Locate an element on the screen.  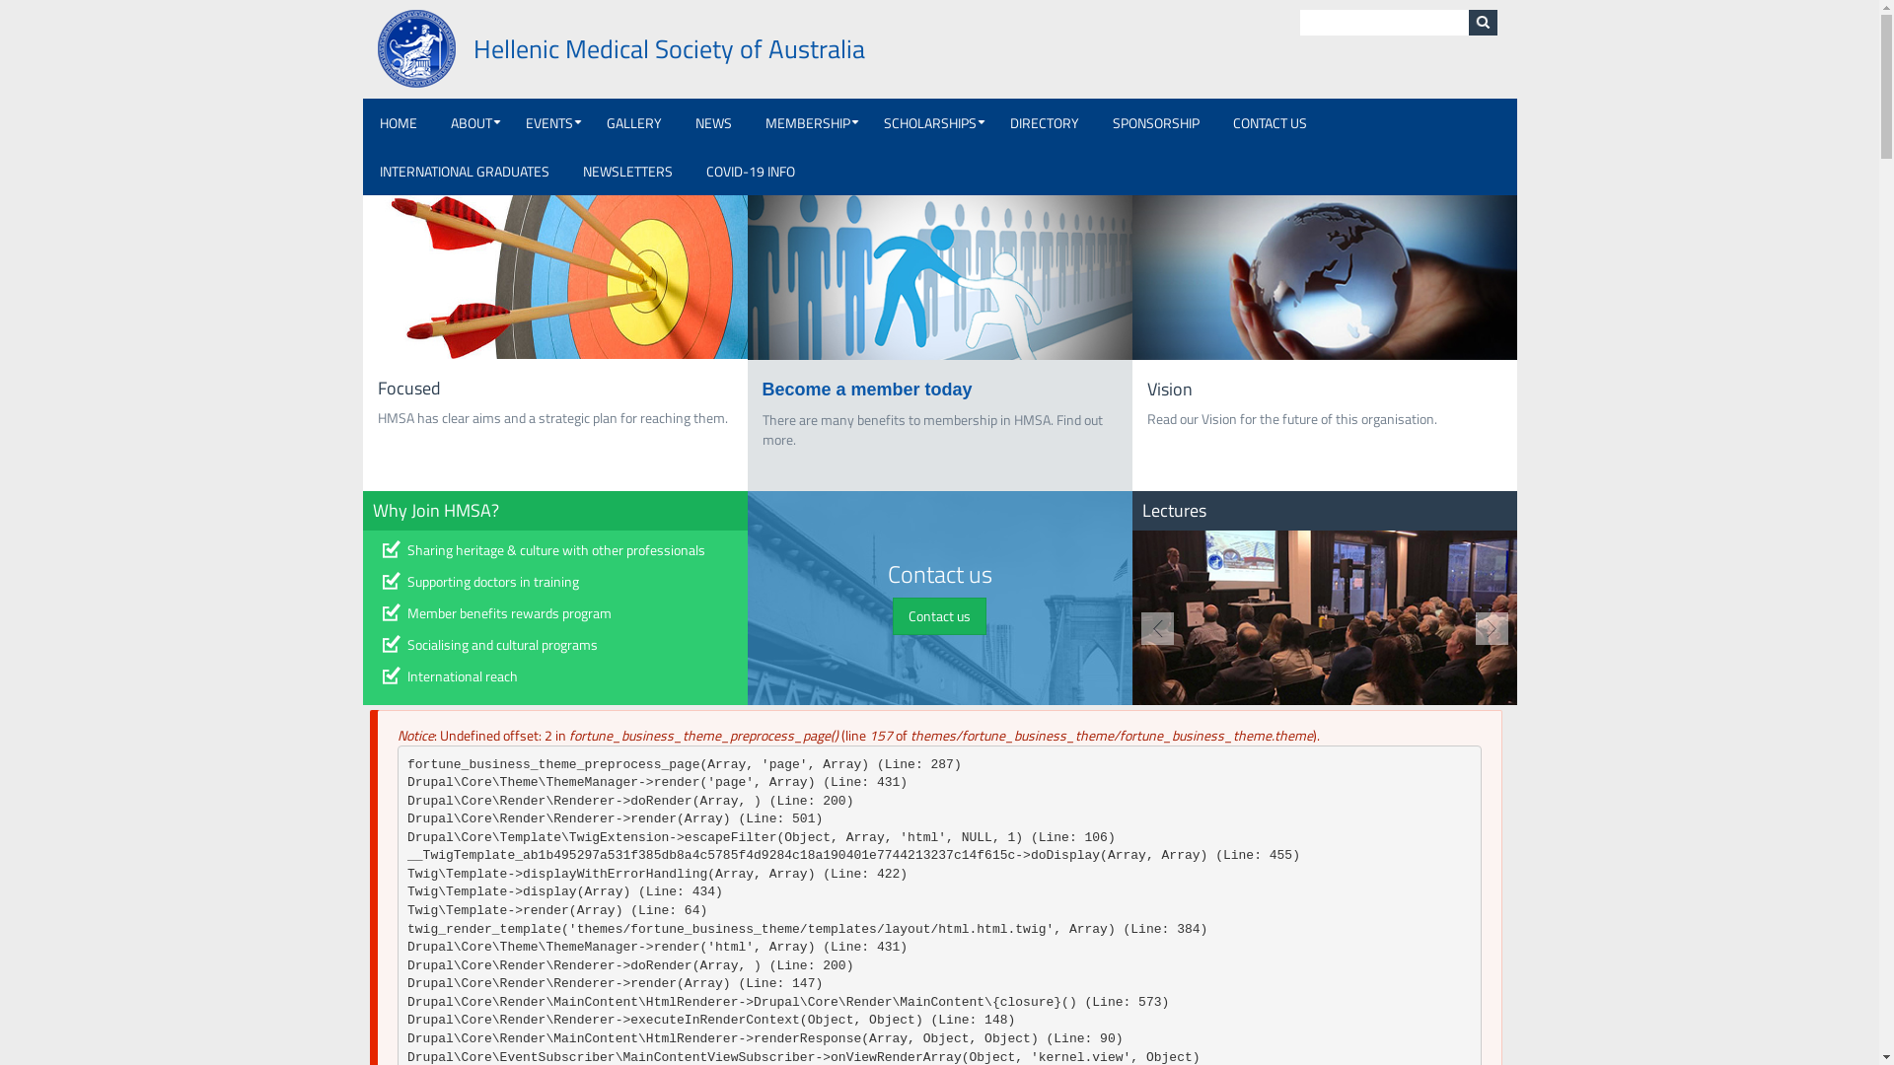
'Become a member today' is located at coordinates (761, 389).